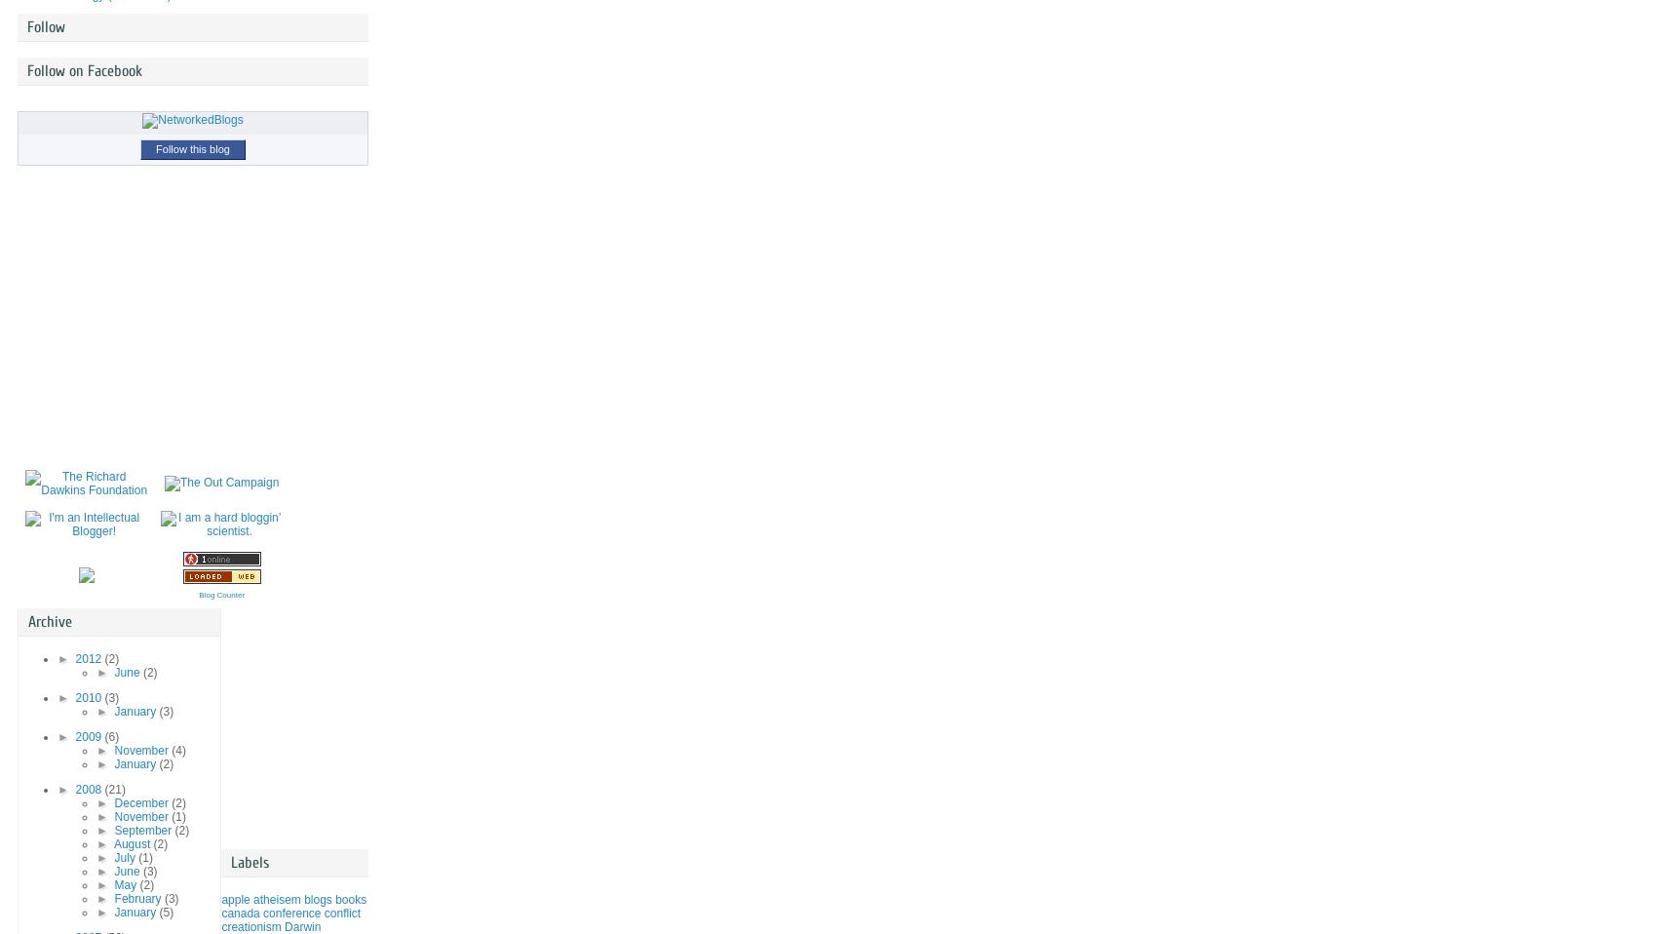 The image size is (1657, 934). I want to click on '2012', so click(89, 657).